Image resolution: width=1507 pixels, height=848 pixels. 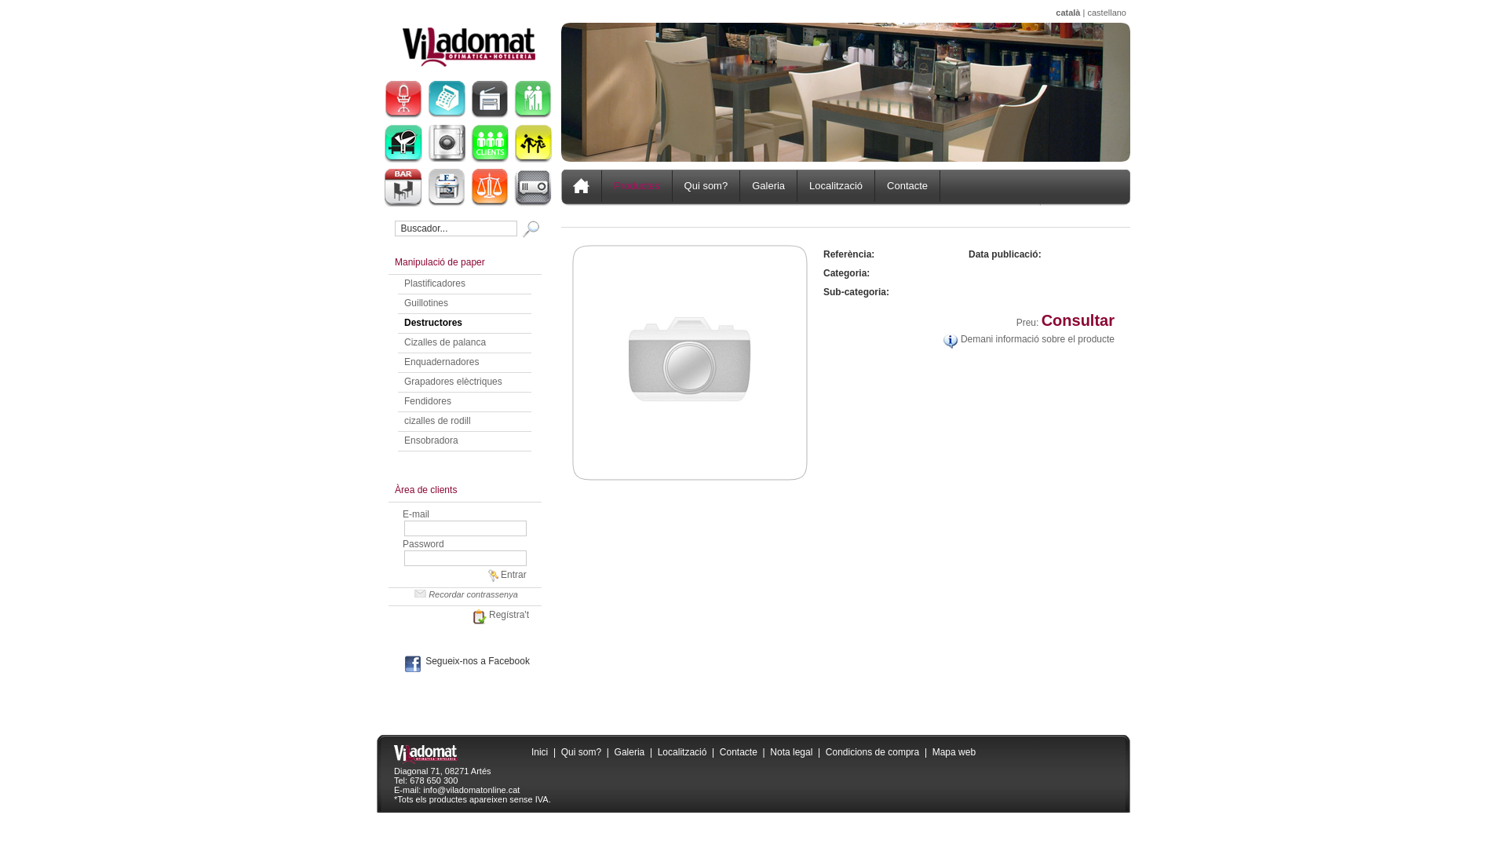 I want to click on 'Qui som?', so click(x=706, y=185).